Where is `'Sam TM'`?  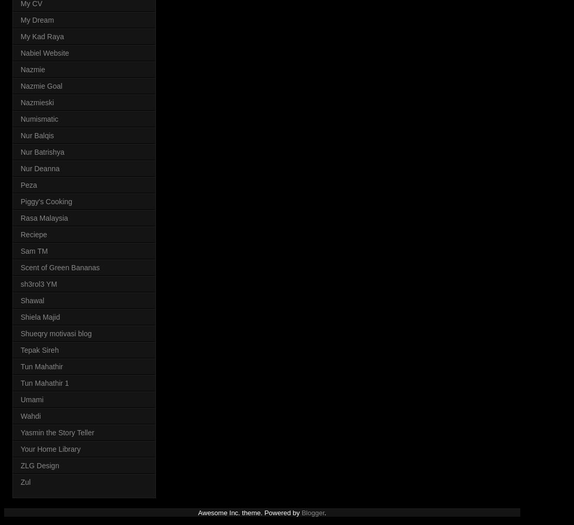
'Sam TM' is located at coordinates (34, 250).